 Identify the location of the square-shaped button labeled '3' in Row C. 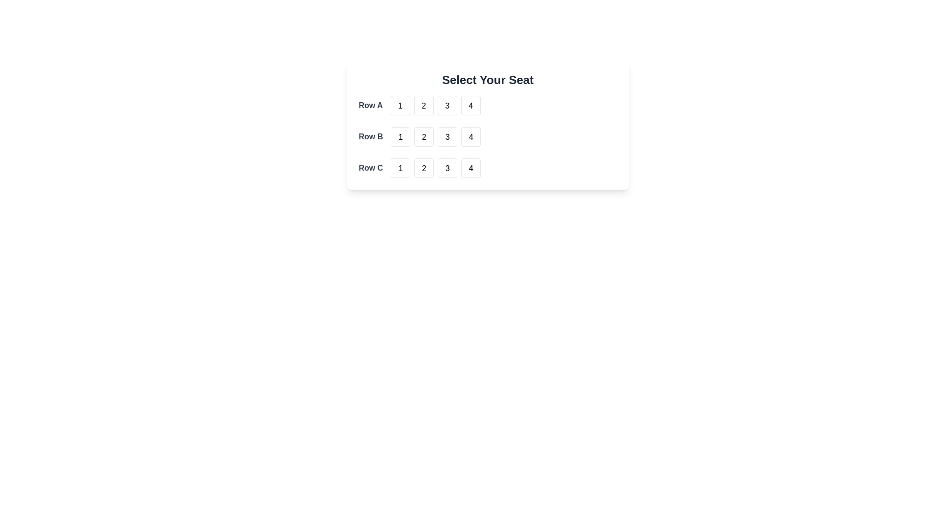
(447, 167).